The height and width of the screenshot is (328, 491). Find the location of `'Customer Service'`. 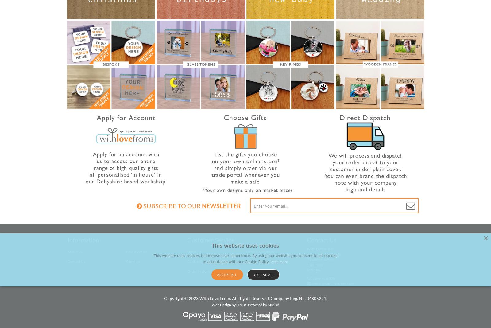

'Customer Service' is located at coordinates (211, 240).